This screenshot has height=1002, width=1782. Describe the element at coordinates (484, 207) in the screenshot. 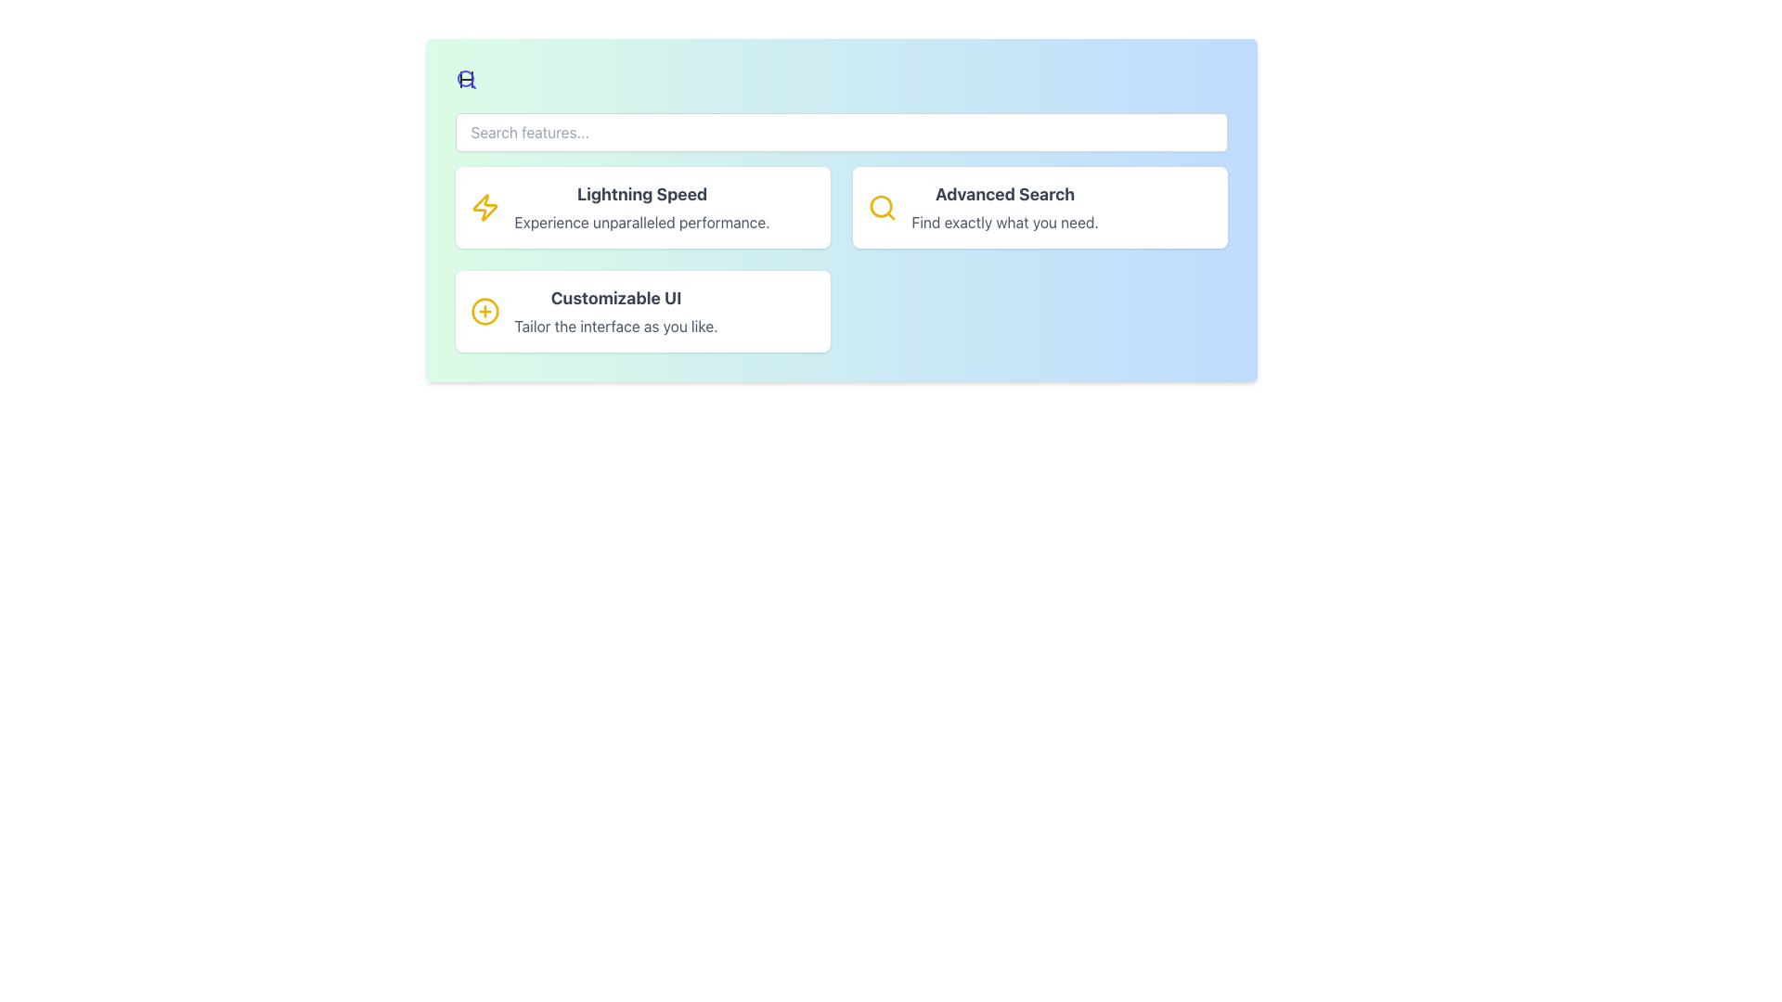

I see `the lightning bolt icon with a yellow stroke located in the 'Lightning Speed' section above the text` at that location.